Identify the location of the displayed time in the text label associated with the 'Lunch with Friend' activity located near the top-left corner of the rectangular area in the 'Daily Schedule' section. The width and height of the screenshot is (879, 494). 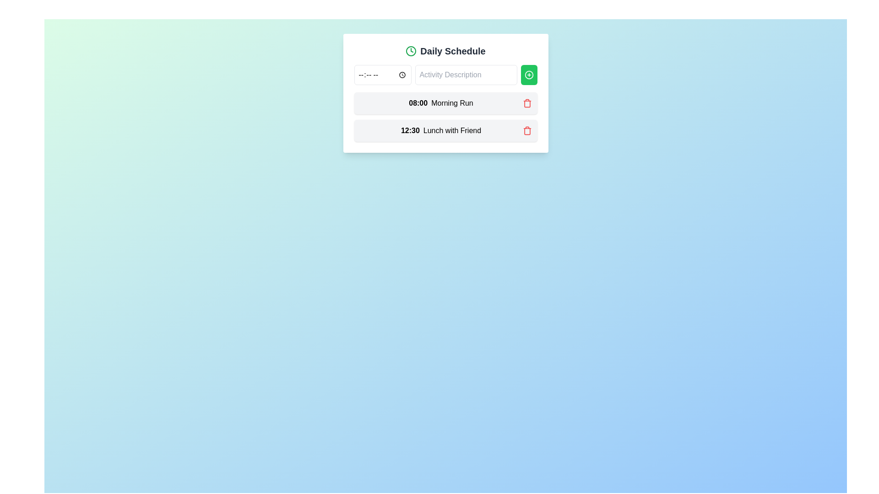
(410, 130).